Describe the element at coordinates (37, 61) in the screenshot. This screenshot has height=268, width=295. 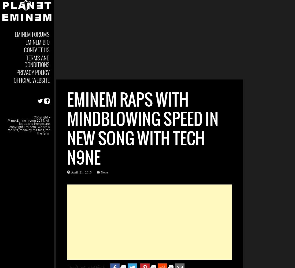
I see `'Terms and Conditions'` at that location.